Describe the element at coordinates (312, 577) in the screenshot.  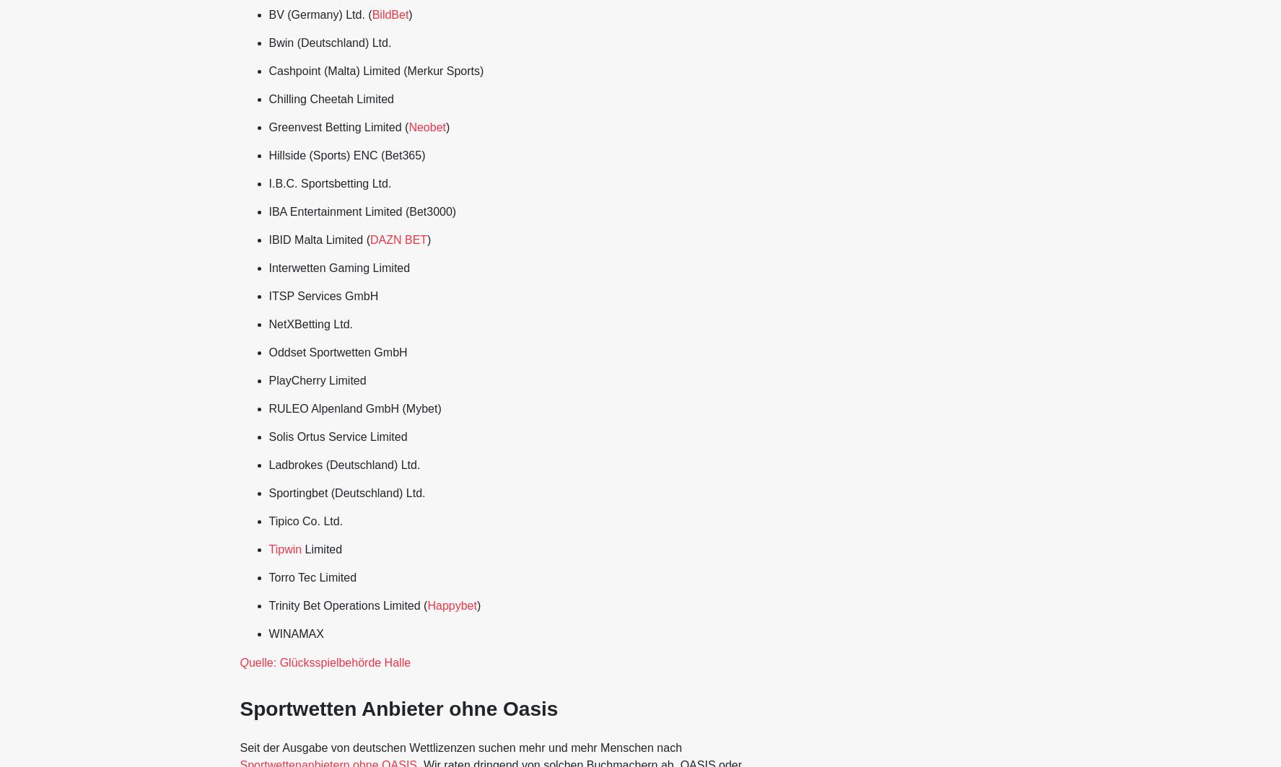
I see `'Torro Tec Limited'` at that location.